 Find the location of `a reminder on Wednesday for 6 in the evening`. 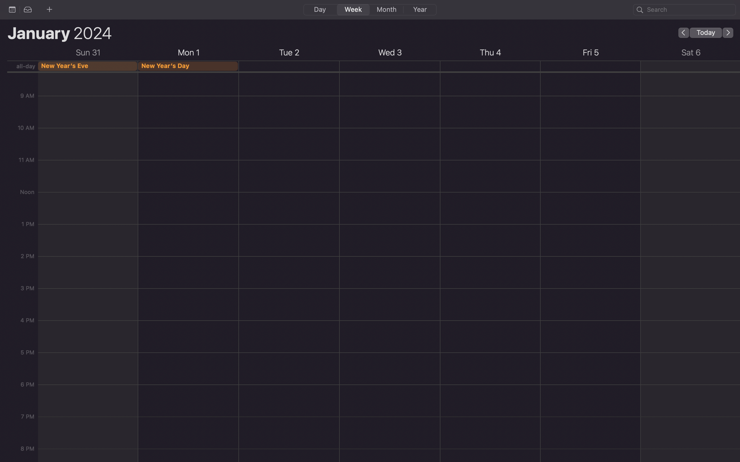

a reminder on Wednesday for 6 in the evening is located at coordinates (391, 394).